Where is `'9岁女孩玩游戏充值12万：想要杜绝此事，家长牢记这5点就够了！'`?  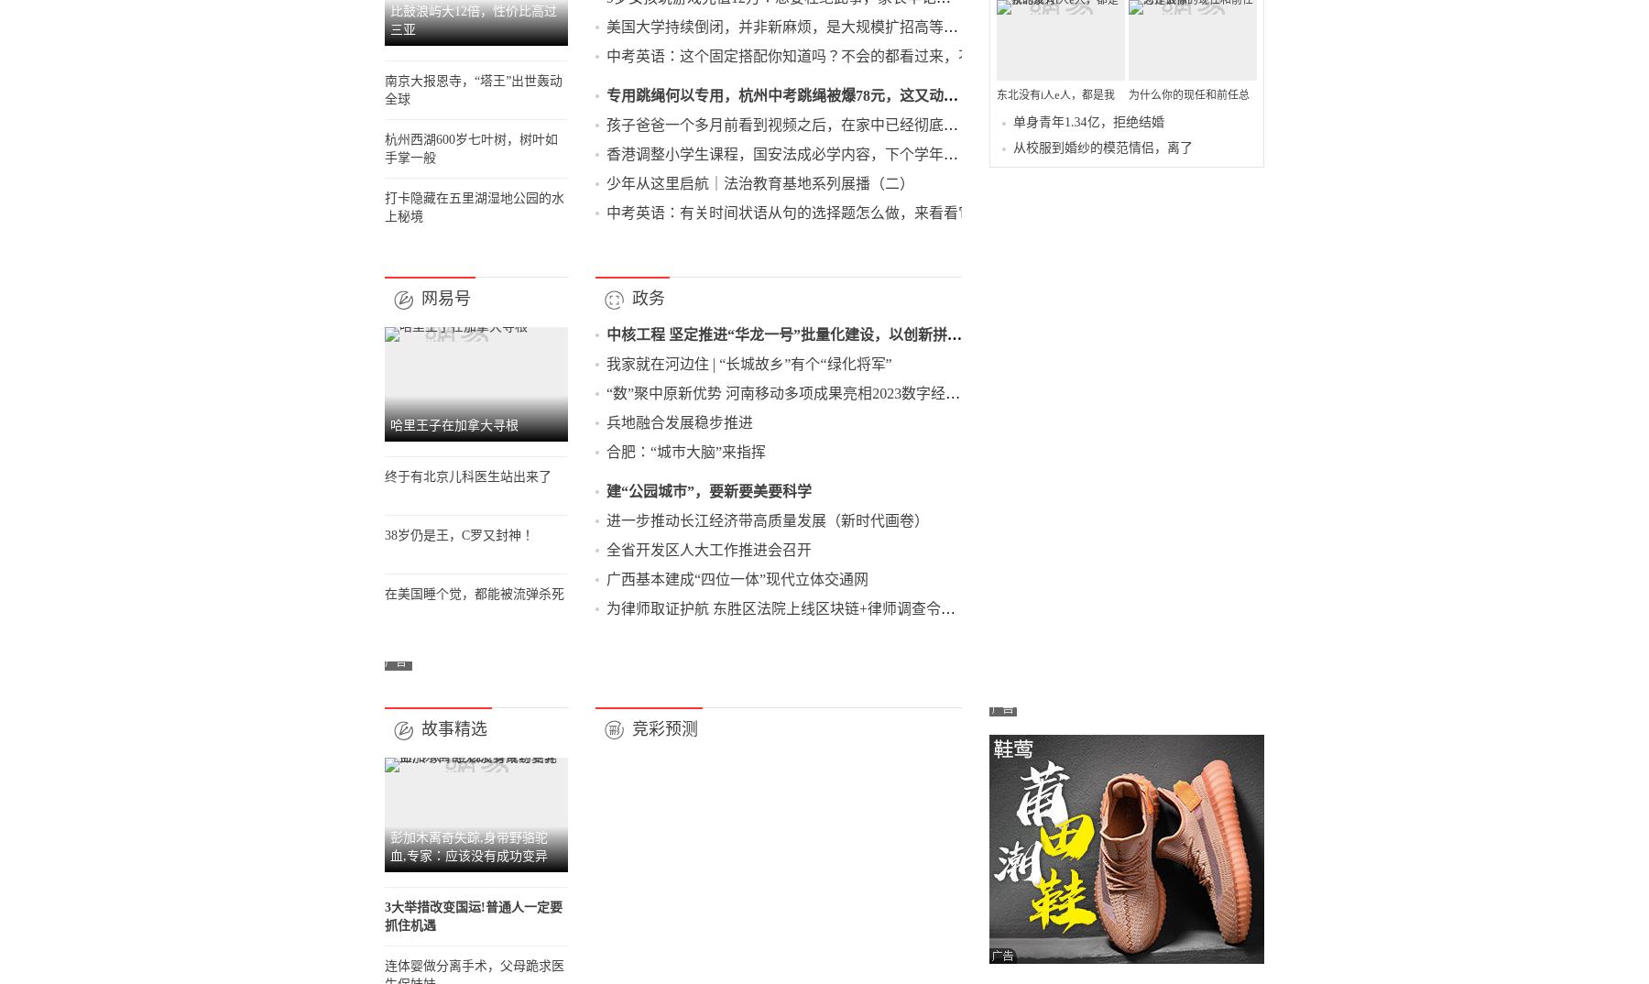 '9岁女孩玩游戏充值12万：想要杜绝此事，家长牢记这5点就够了！' is located at coordinates (909, 371).